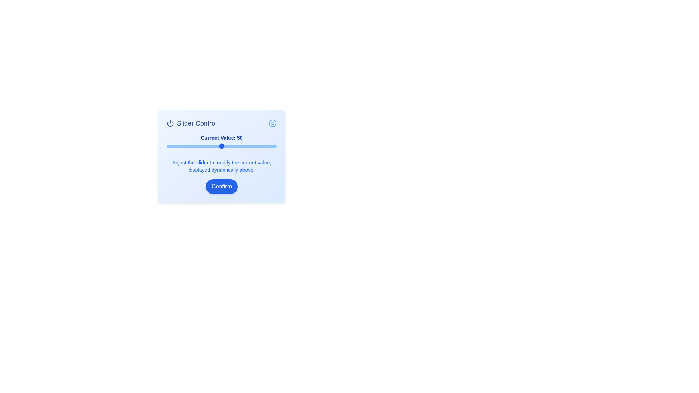 This screenshot has width=699, height=393. What do you see at coordinates (220, 146) in the screenshot?
I see `the slider value` at bounding box center [220, 146].